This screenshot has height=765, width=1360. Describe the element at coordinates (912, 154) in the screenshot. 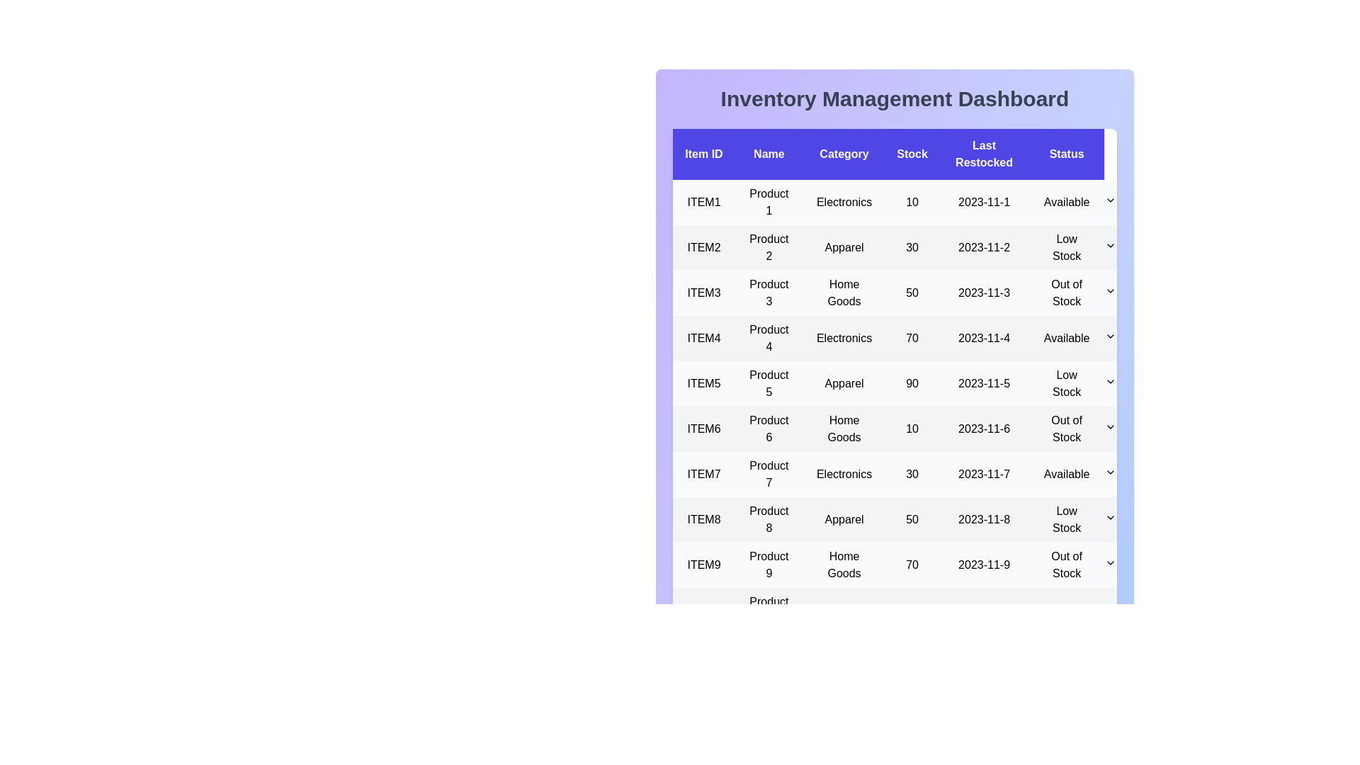

I see `the column header Stock to sort the data by that column` at that location.